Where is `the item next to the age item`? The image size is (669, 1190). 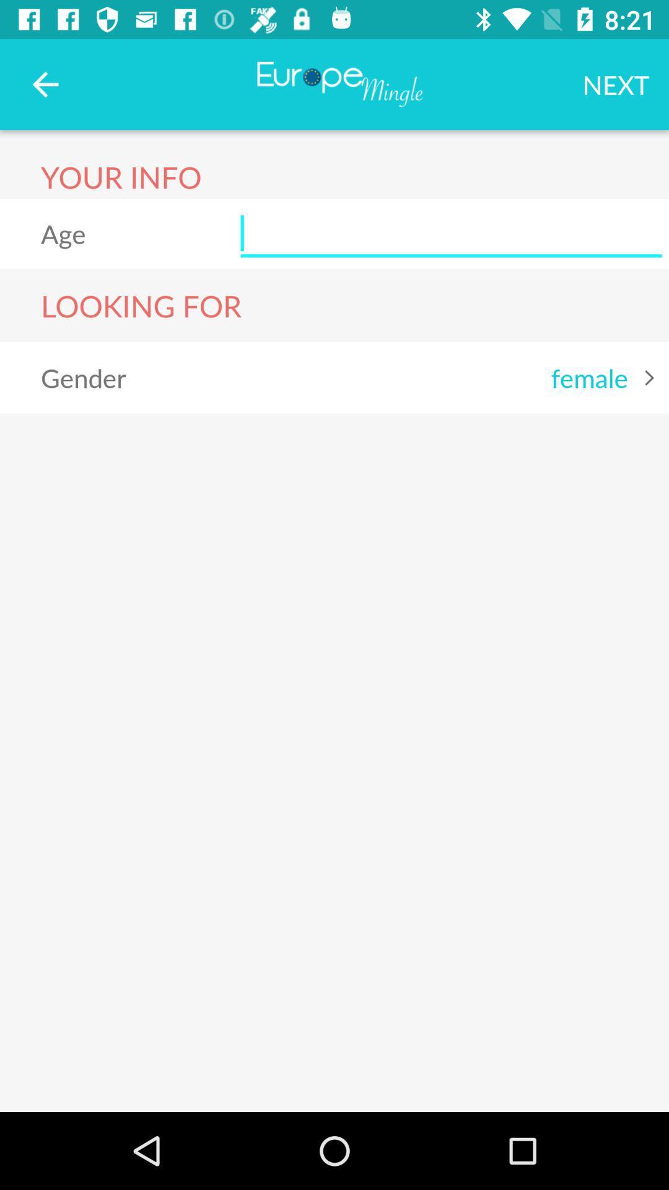
the item next to the age item is located at coordinates (451, 234).